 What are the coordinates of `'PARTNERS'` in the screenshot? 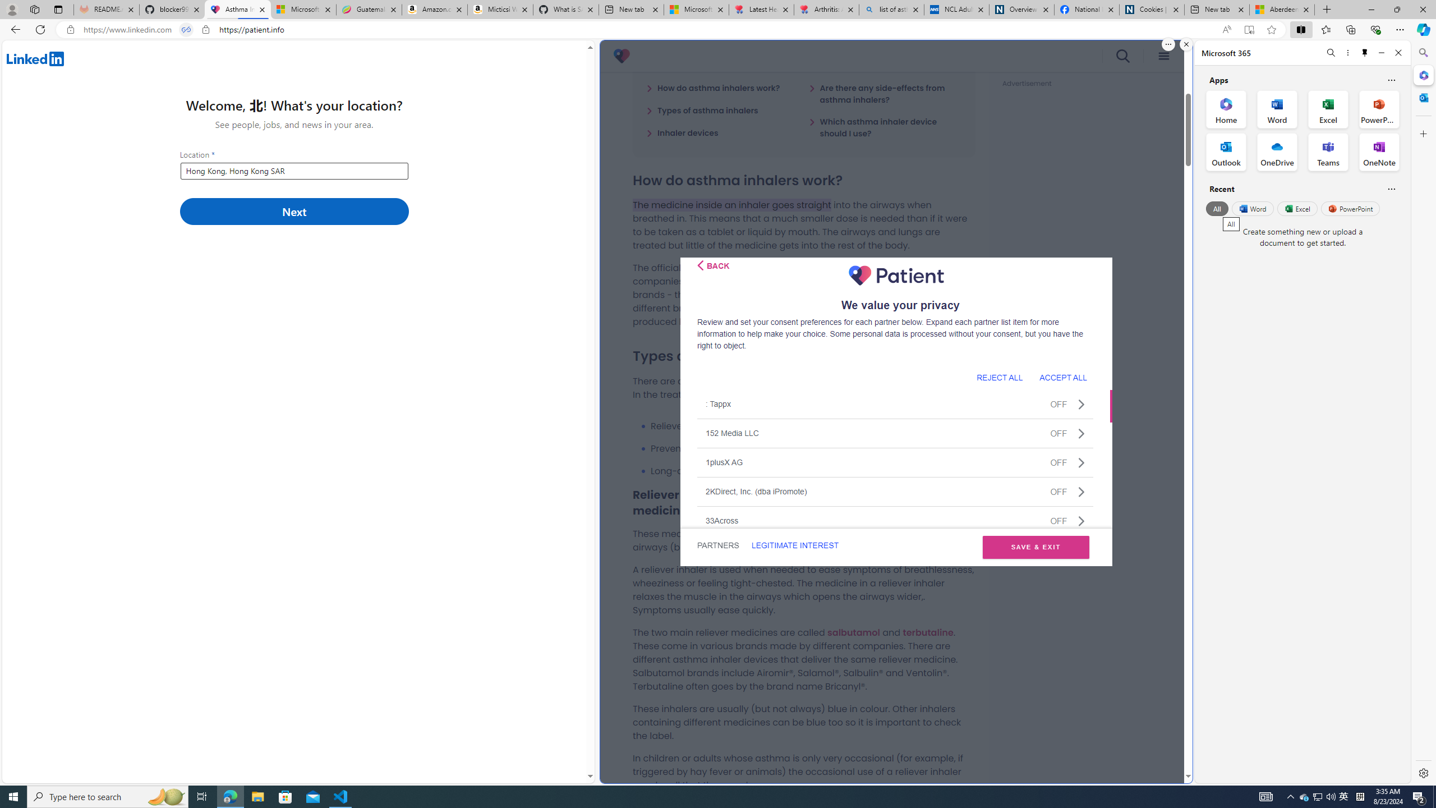 It's located at (718, 545).